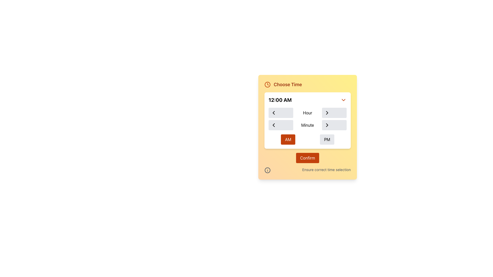 This screenshot has width=493, height=277. I want to click on the small right-pointing chevron symbol used for forward navigation in the 'Minute' time selection interface, so click(327, 125).